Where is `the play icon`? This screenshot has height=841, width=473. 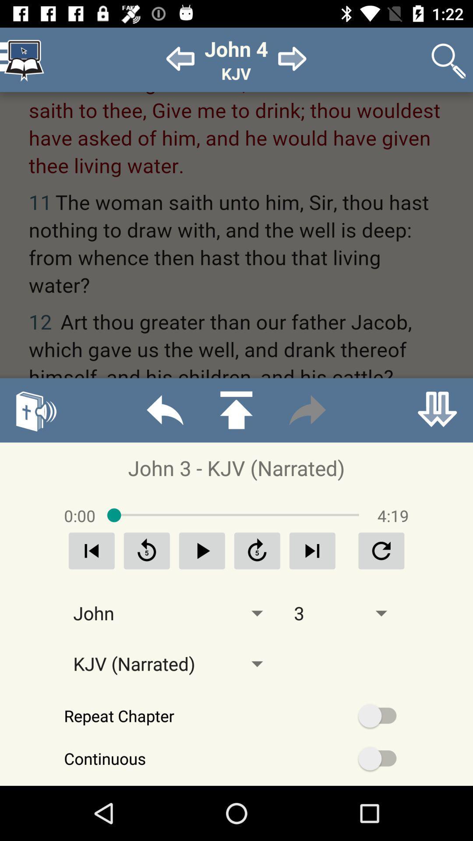
the play icon is located at coordinates (202, 550).